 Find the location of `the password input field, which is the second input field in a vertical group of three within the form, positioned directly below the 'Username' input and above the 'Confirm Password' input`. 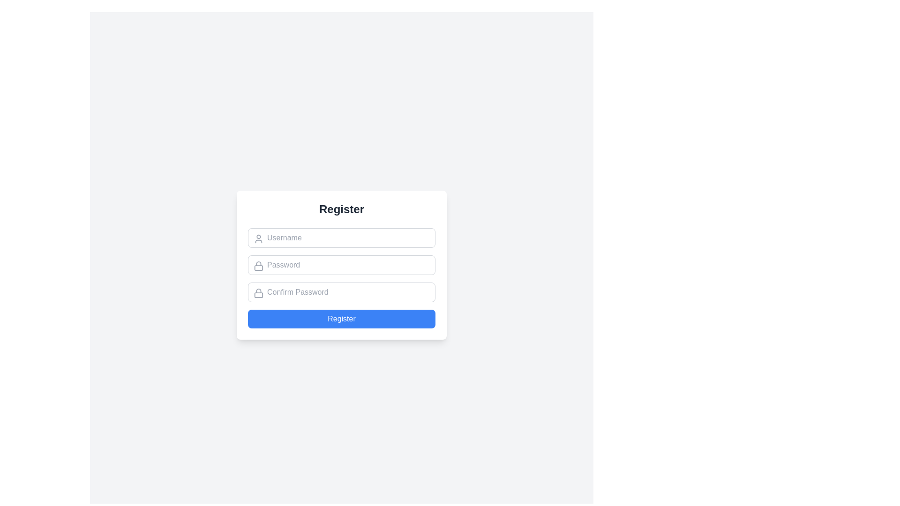

the password input field, which is the second input field in a vertical group of three within the form, positioned directly below the 'Username' input and above the 'Confirm Password' input is located at coordinates (341, 265).